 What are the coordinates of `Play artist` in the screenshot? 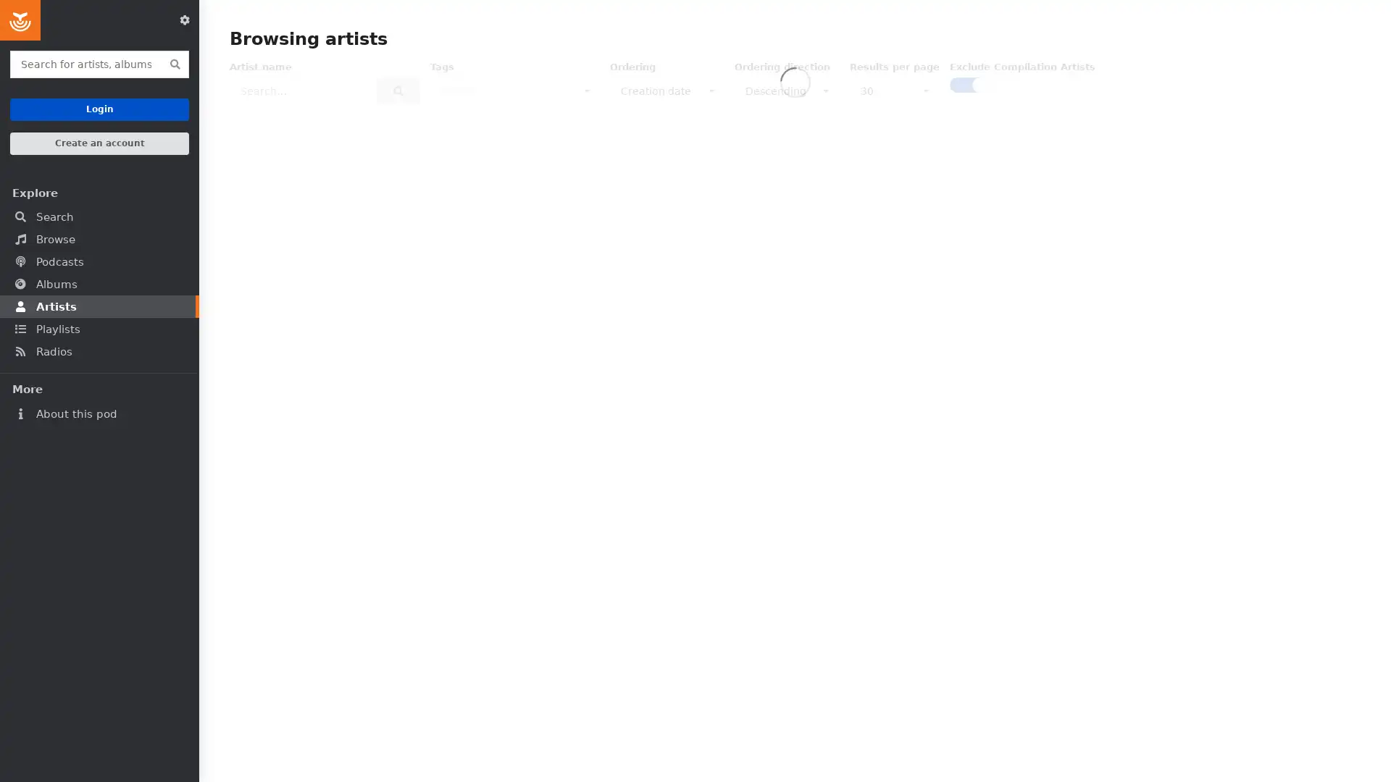 It's located at (980, 749).